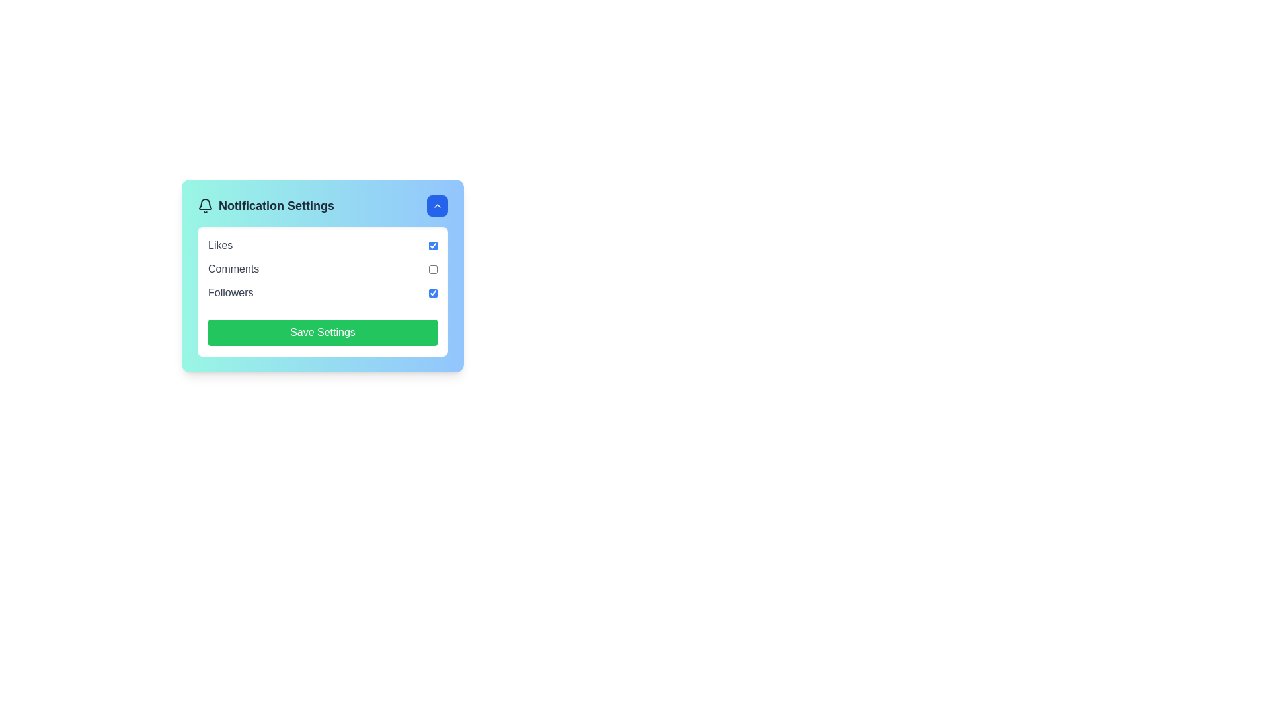  Describe the element at coordinates (205, 204) in the screenshot. I see `the notification icon located at the leftmost side of the header bar in the 'Notification Settings' dialog box, next to the title text` at that location.